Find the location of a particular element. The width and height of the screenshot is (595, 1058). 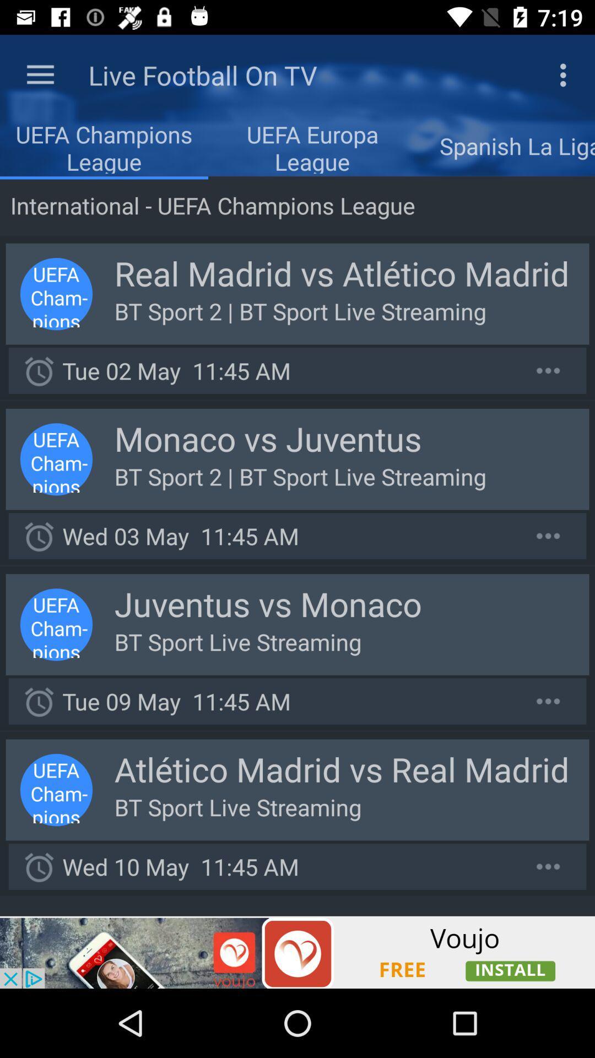

option is located at coordinates (548, 700).